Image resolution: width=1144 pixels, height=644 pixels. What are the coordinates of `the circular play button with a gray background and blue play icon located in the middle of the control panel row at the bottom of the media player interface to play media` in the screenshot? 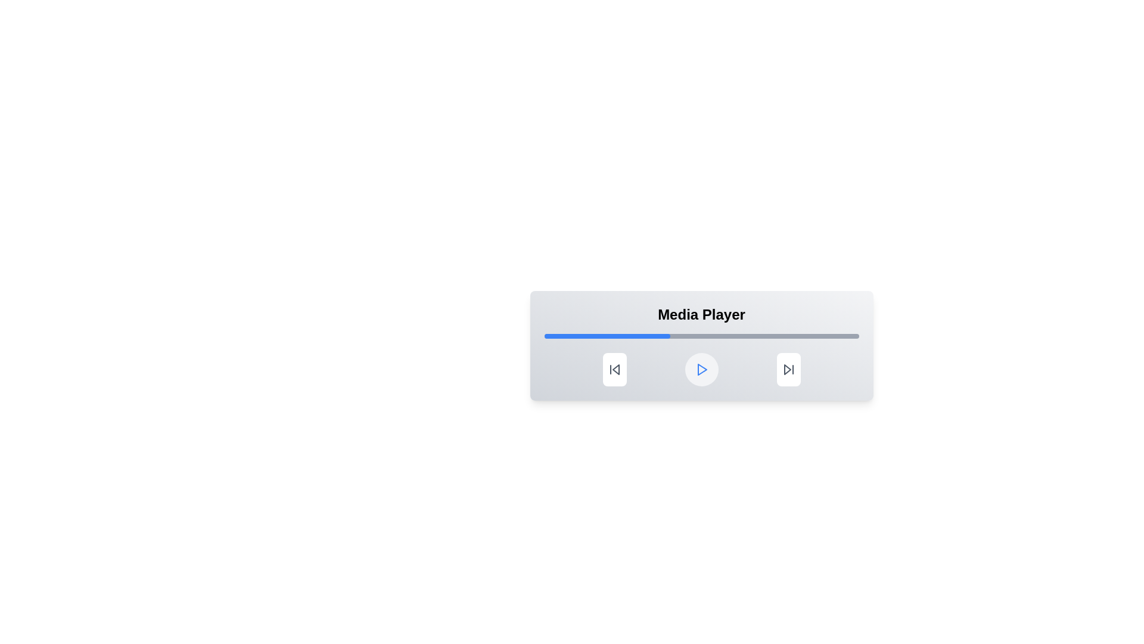 It's located at (701, 369).